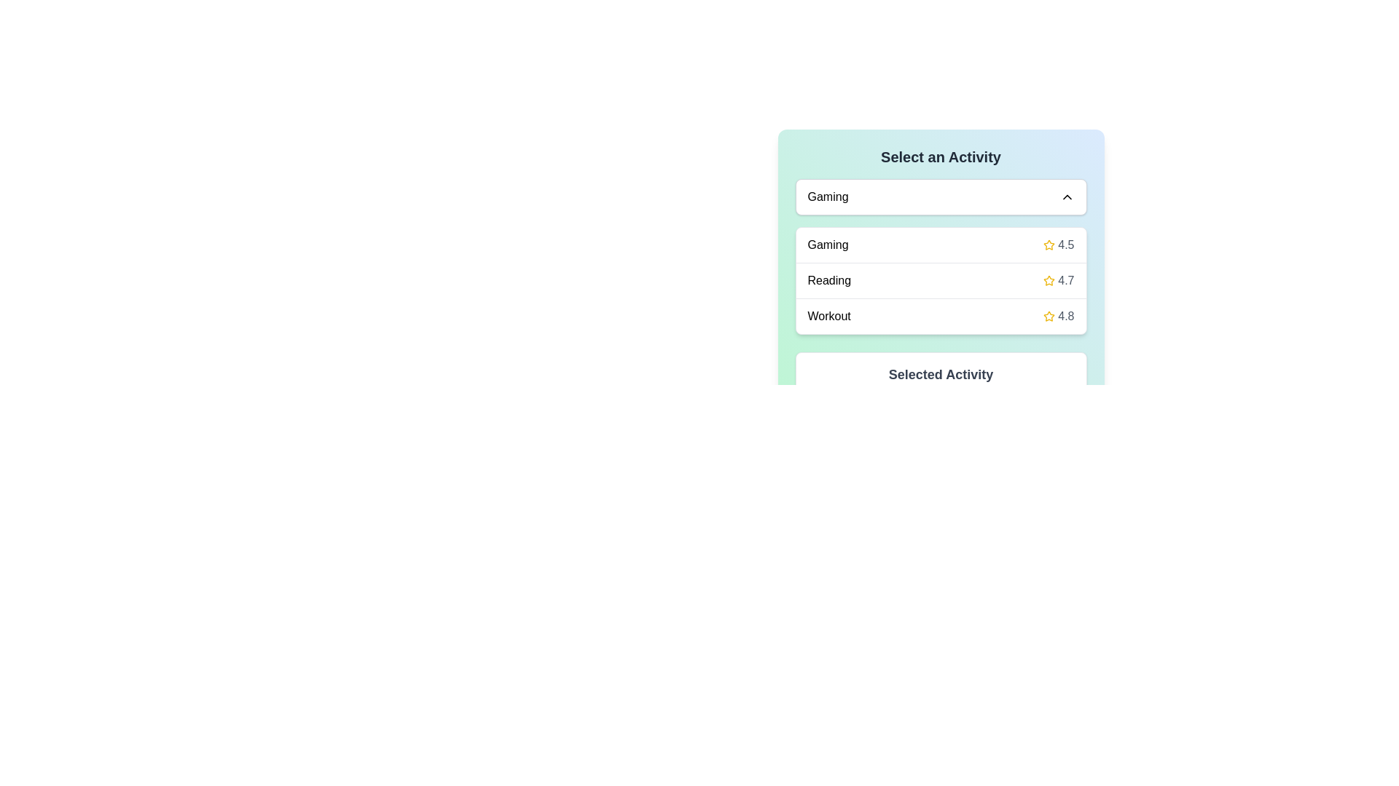 Image resolution: width=1399 pixels, height=786 pixels. What do you see at coordinates (941, 196) in the screenshot?
I see `the Dropdown Toggle located below the 'Select an Activity' section title` at bounding box center [941, 196].